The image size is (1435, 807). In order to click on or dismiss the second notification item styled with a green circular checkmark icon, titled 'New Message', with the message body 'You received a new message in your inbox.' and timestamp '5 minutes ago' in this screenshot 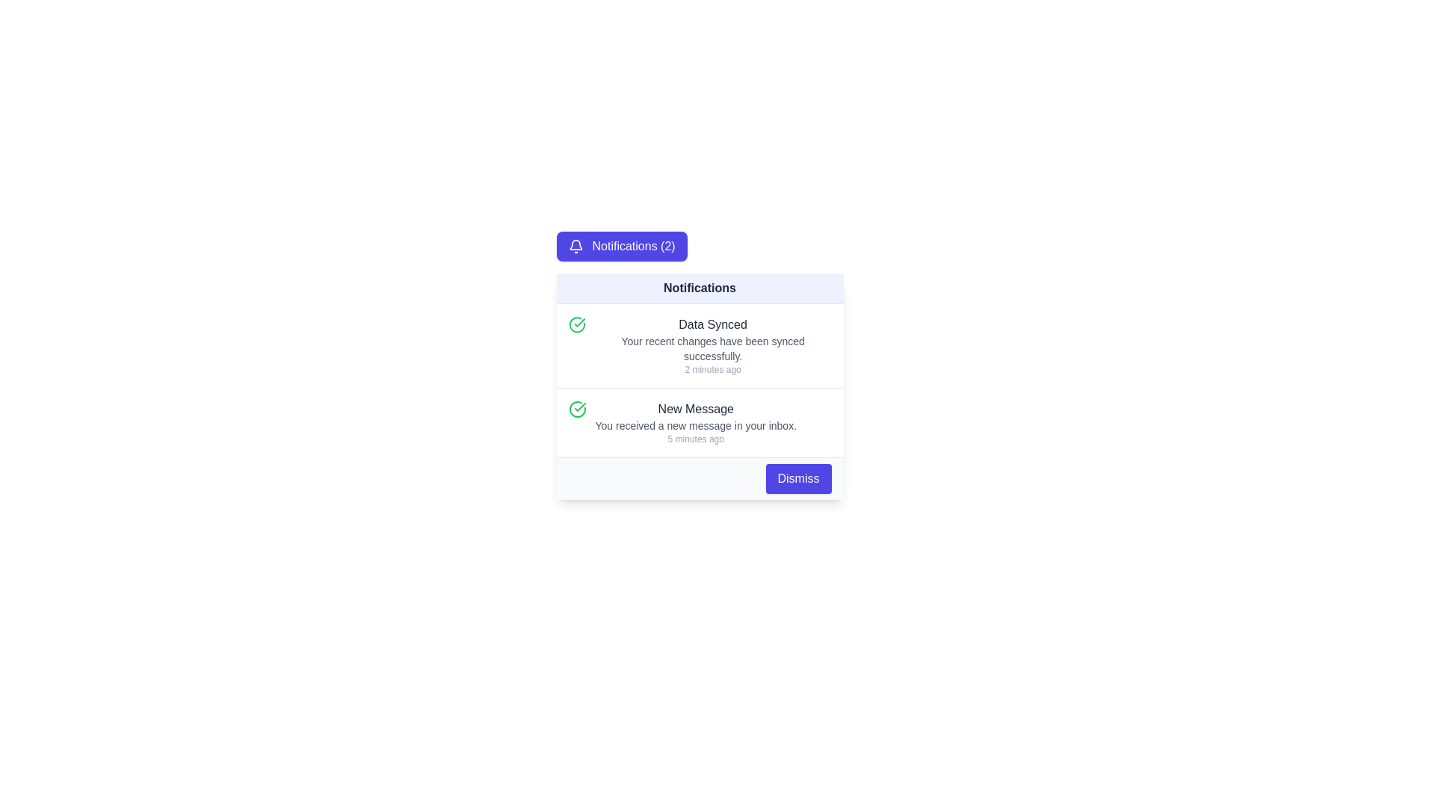, I will do `click(699, 422)`.